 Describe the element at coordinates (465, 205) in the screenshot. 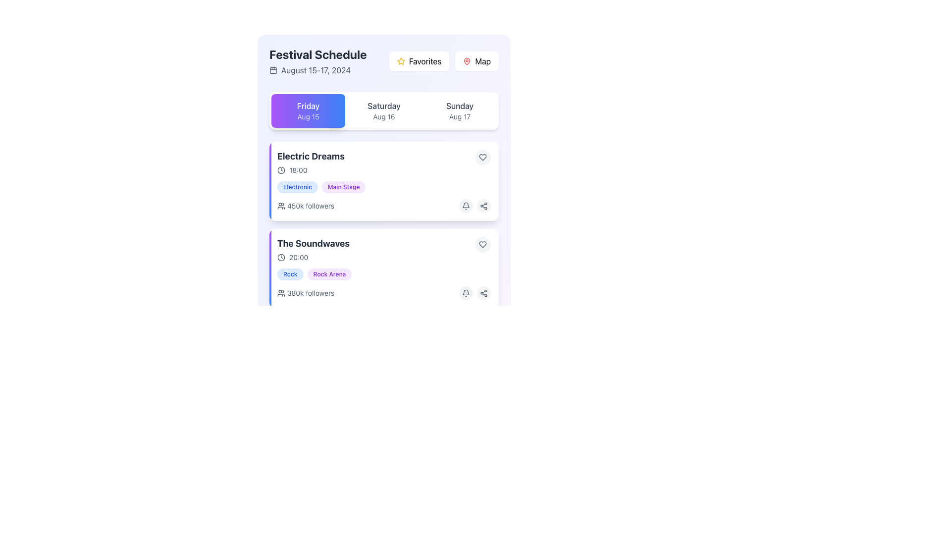

I see `the notification toggle icon located in the bottom-right corner of 'The Soundwaves' schedule card` at that location.